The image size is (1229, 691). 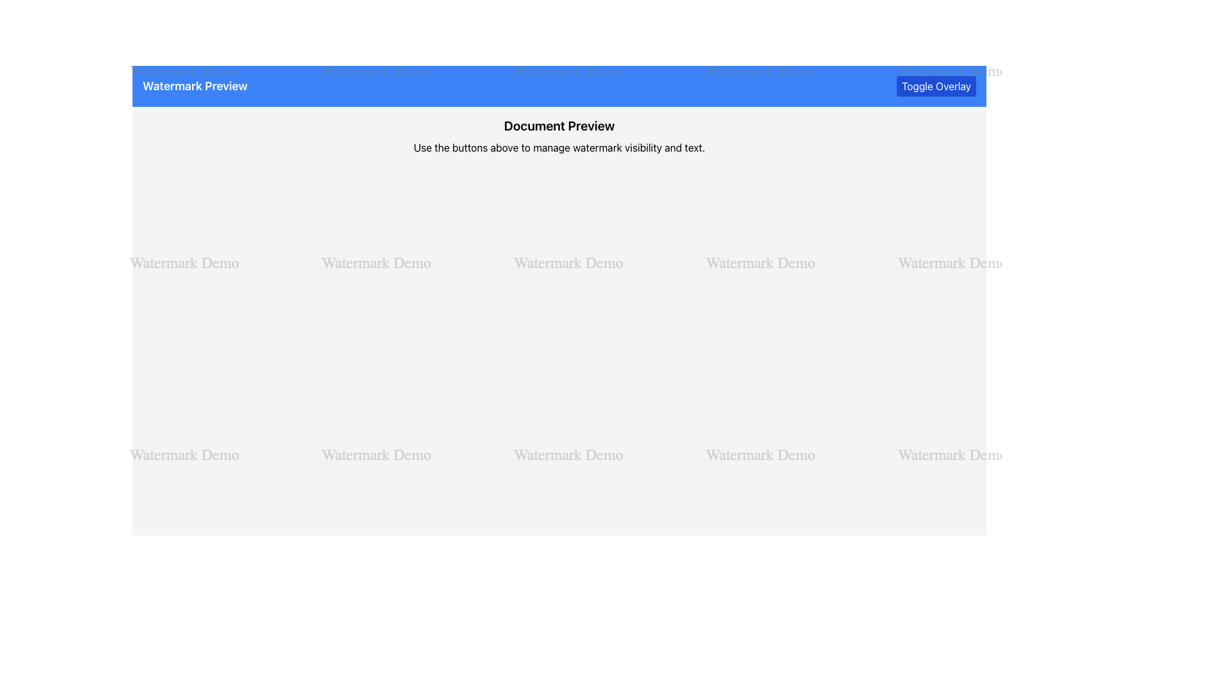 What do you see at coordinates (194, 86) in the screenshot?
I see `the text label that displays the title or heading for the watermark preview, located in the top blue header bar, adjacent to the 'Toggle Overlay' button` at bounding box center [194, 86].